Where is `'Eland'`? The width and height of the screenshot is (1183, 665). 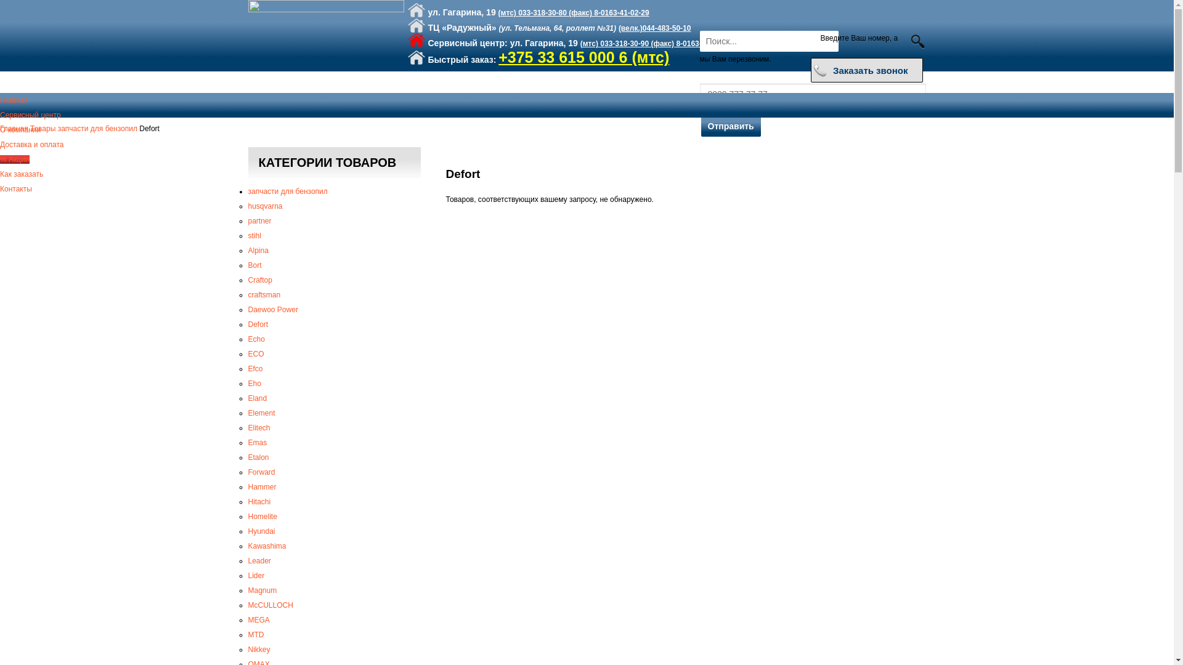
'Eland' is located at coordinates (256, 398).